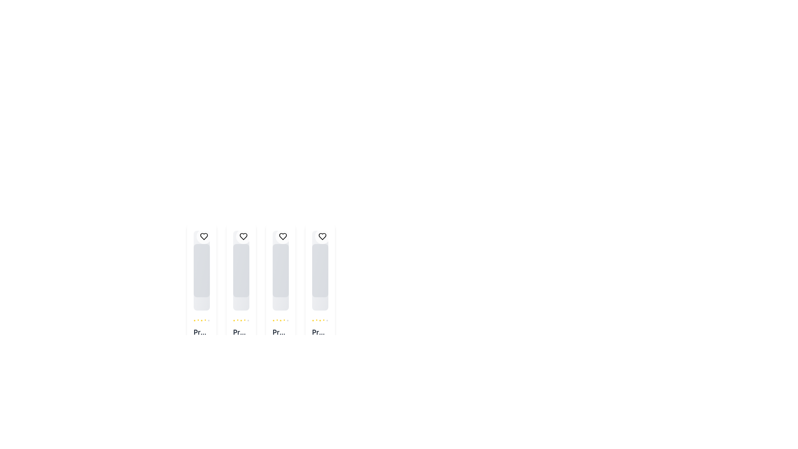  Describe the element at coordinates (281, 331) in the screenshot. I see `the static text label representing the product name, which is the third in the horizontal sequence of products, located at the bottom of the product tile` at that location.